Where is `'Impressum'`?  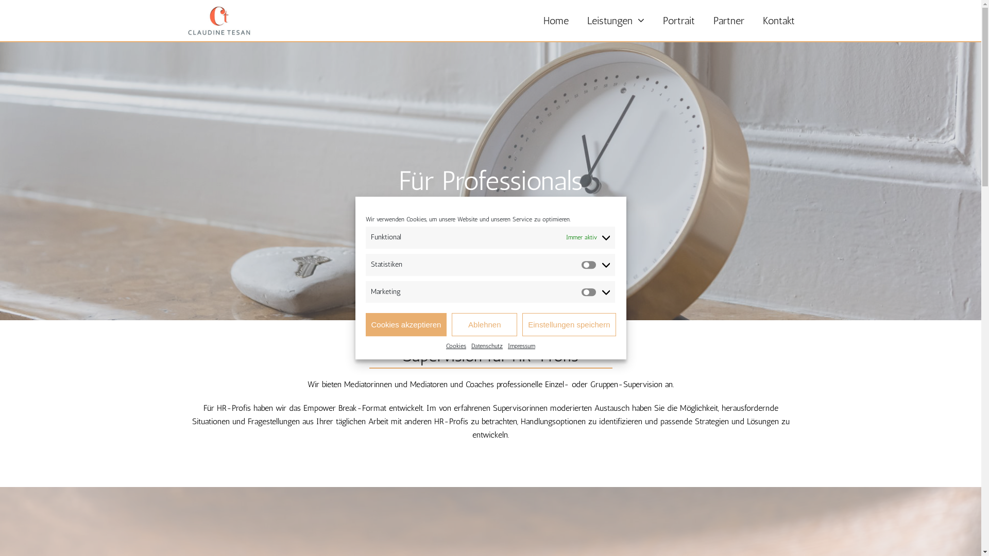
'Impressum' is located at coordinates (521, 346).